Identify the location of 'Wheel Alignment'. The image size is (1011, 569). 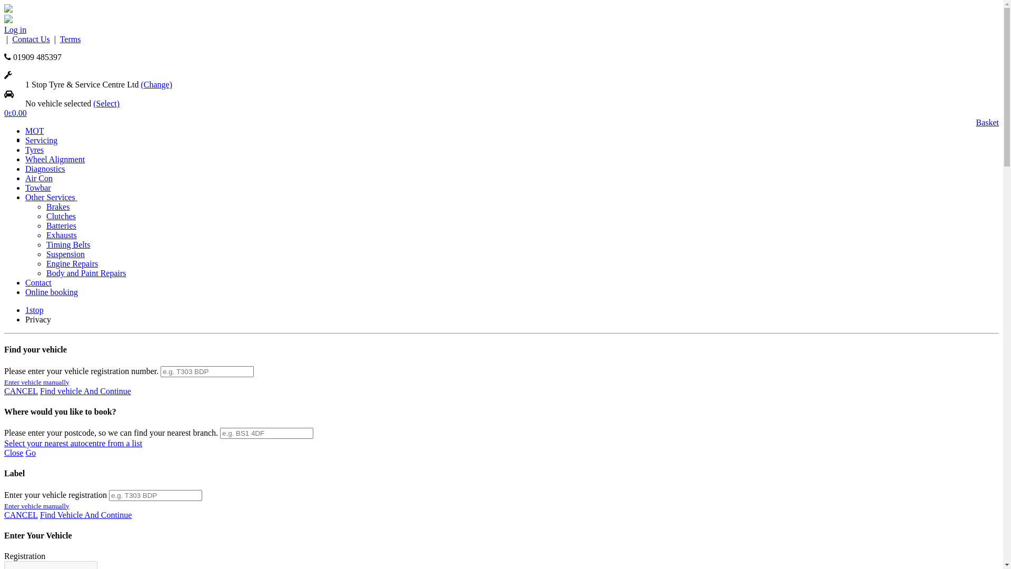
(54, 159).